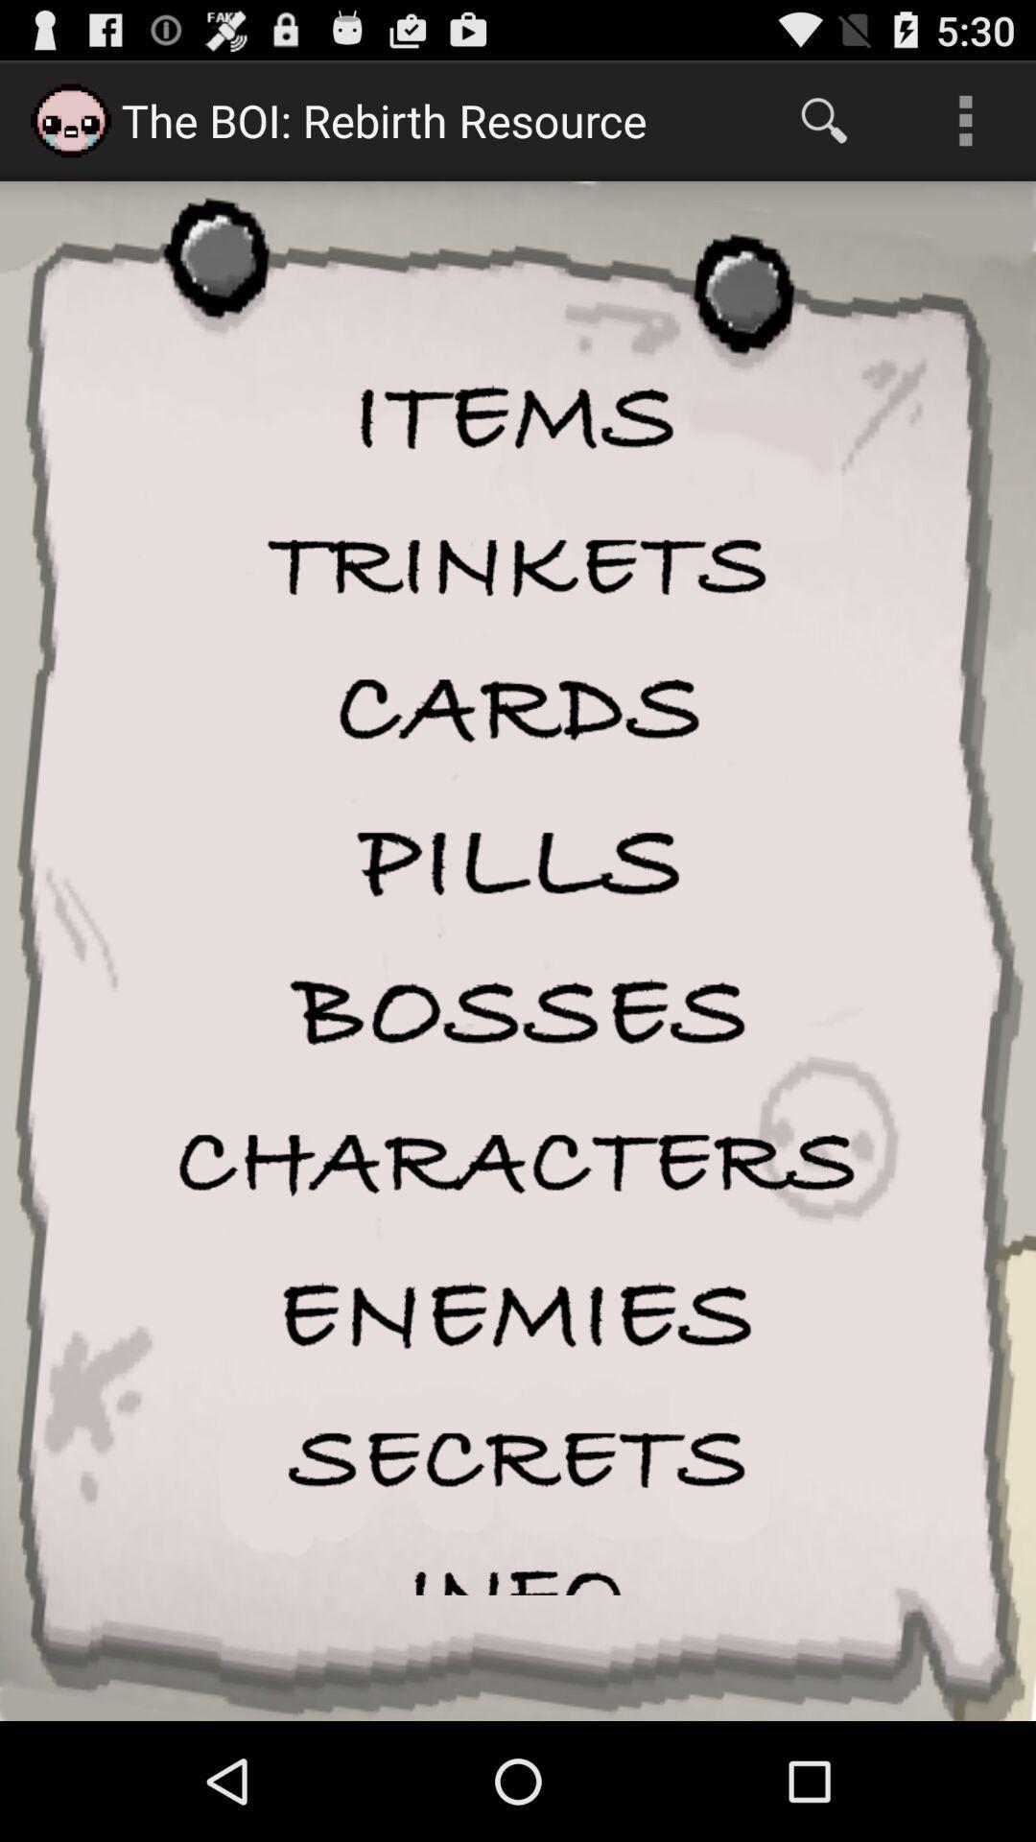  What do you see at coordinates (518, 419) in the screenshot?
I see `see a list of items` at bounding box center [518, 419].